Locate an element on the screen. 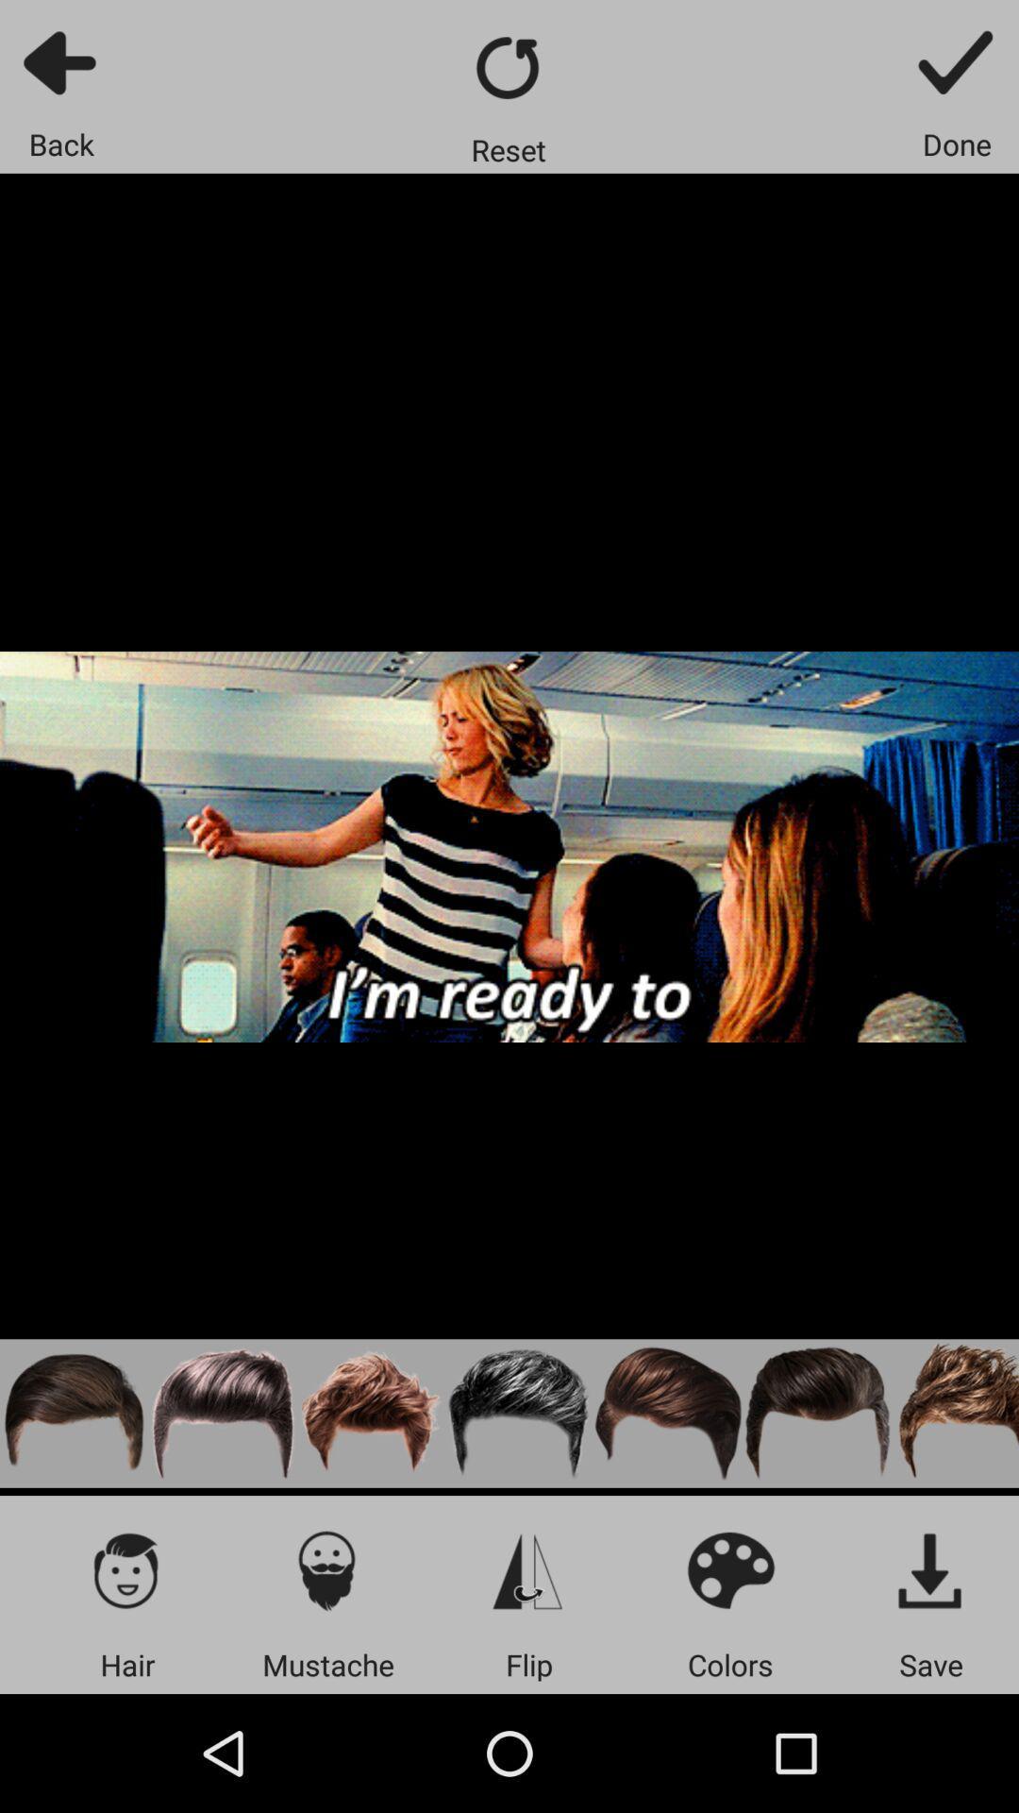 This screenshot has width=1019, height=1813. open mustache advertisement on menu is located at coordinates (326, 1569).